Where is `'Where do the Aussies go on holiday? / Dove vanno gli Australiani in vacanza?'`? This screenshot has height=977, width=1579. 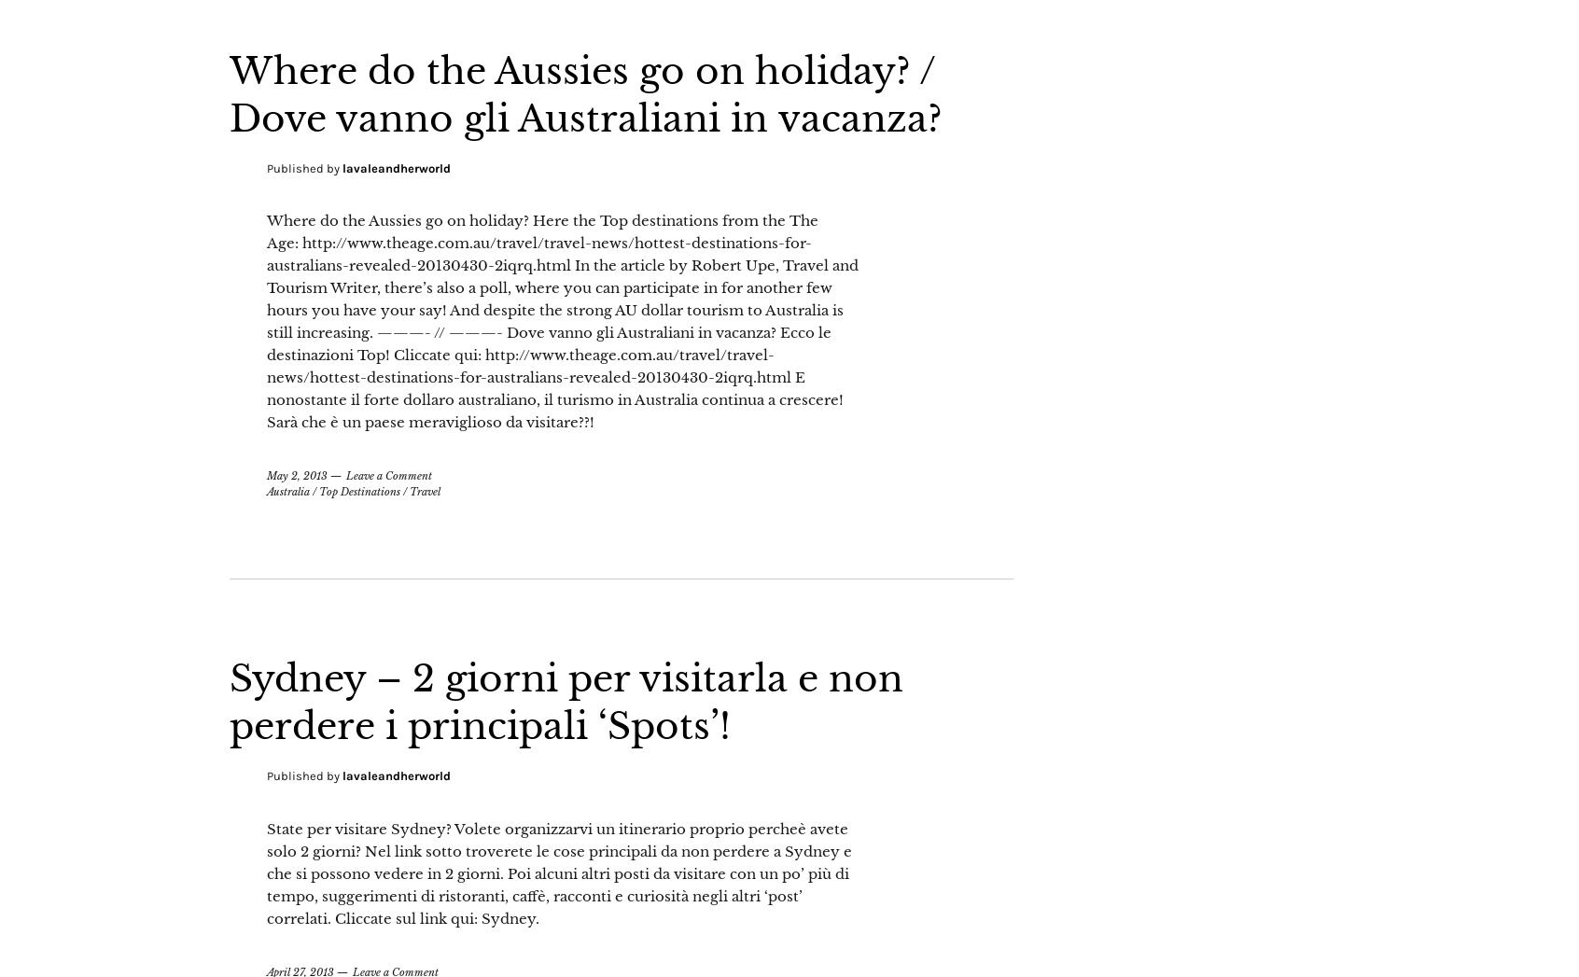 'Where do the Aussies go on holiday? / Dove vanno gli Australiani in vacanza?' is located at coordinates (610, 140).